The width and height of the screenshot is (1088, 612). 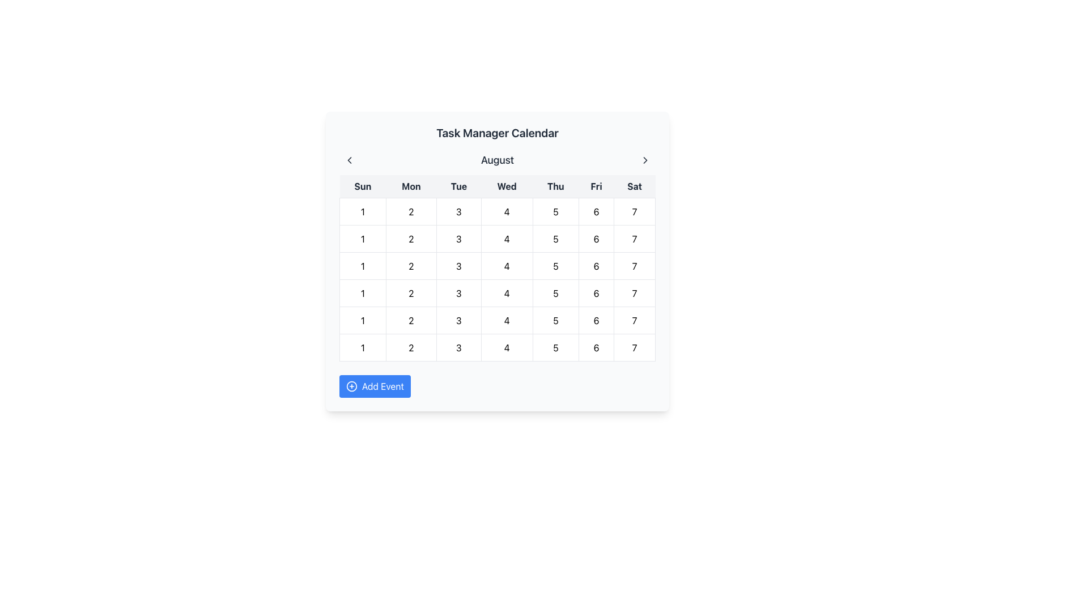 I want to click on the Text label displaying the number '4' in the calendar grid, which is the fourth element in the row under 'Wednesday', so click(x=506, y=292).